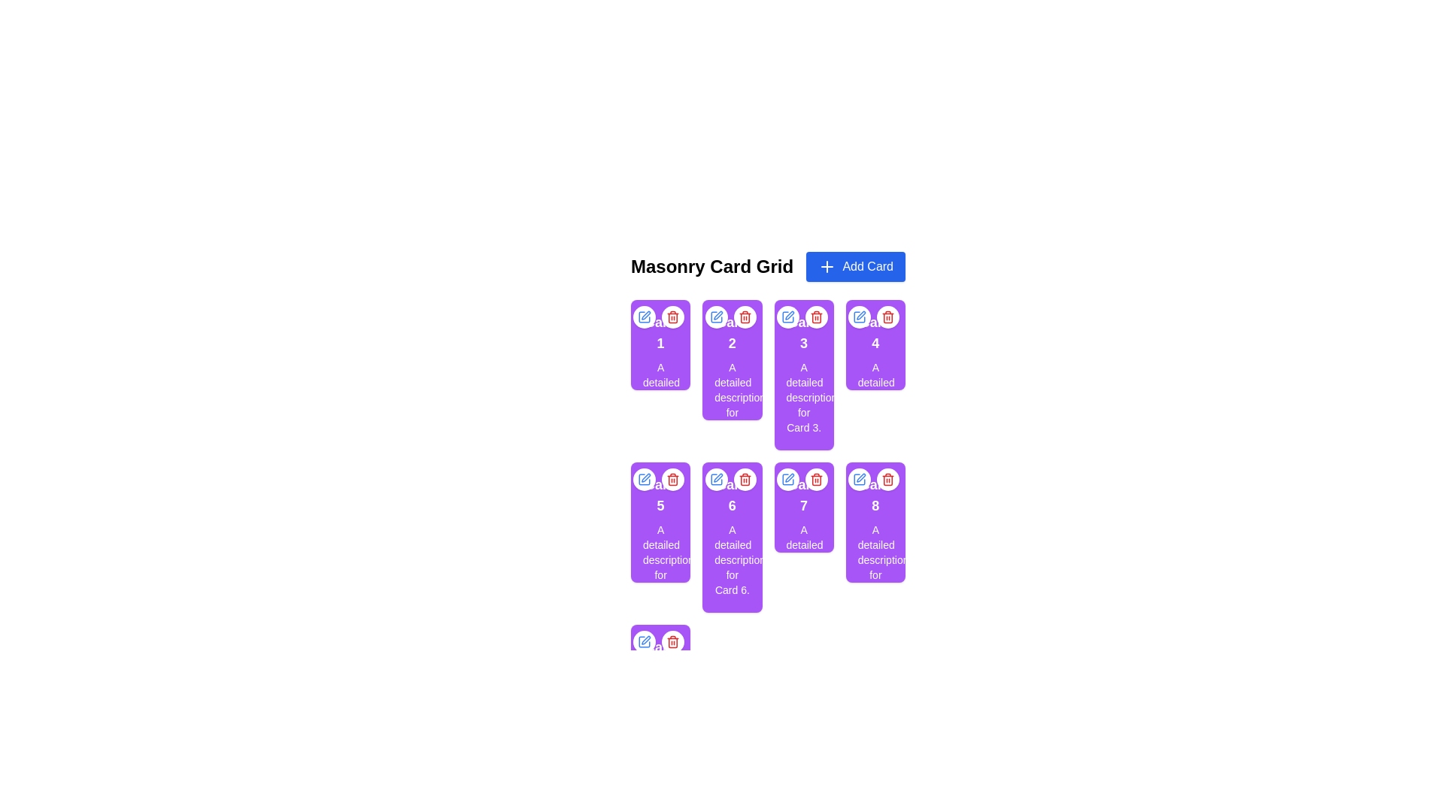 The width and height of the screenshot is (1444, 812). I want to click on the leftmost button in the top-right corner of the rectangular card labeled '6', so click(715, 479).